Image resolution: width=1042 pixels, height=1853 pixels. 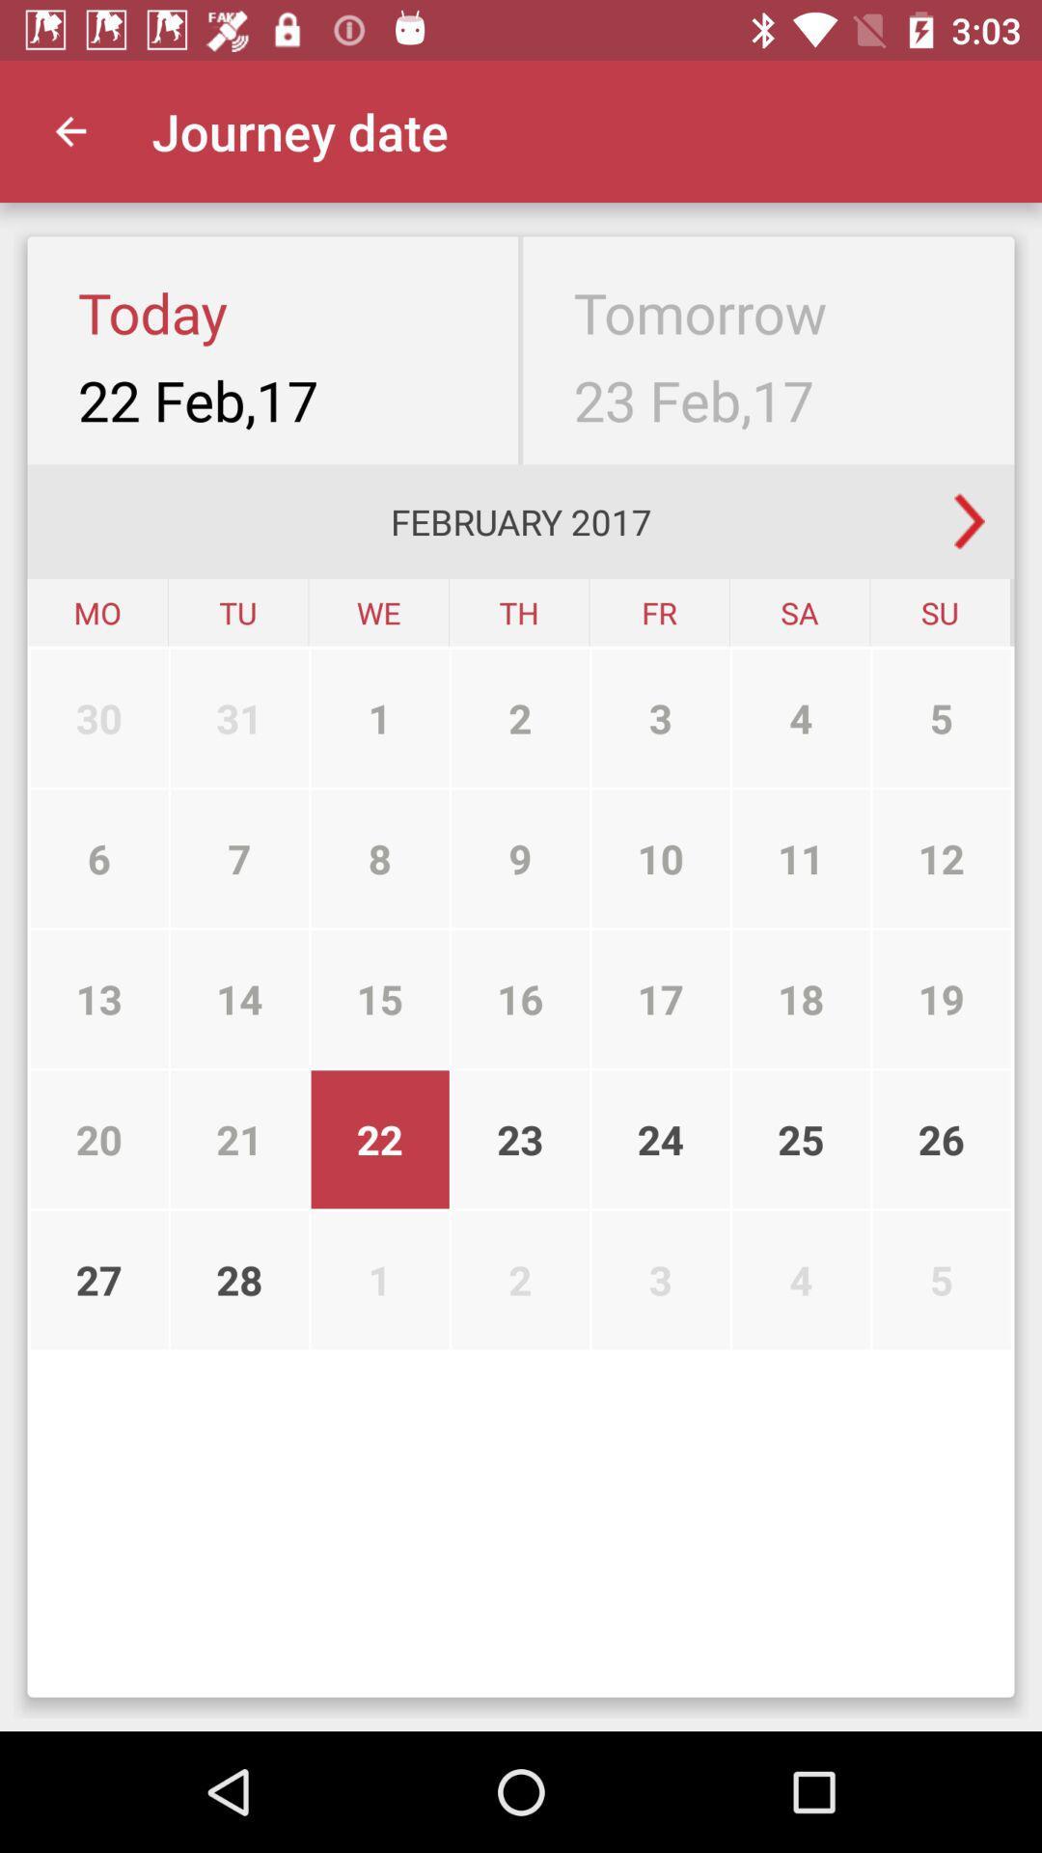 What do you see at coordinates (519, 857) in the screenshot?
I see `item to the left of 3` at bounding box center [519, 857].